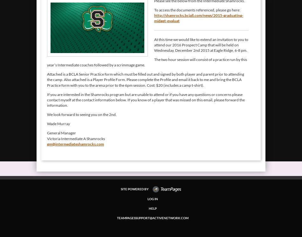 The width and height of the screenshot is (302, 237). What do you see at coordinates (47, 74) in the screenshot?
I see `'Attached is a'` at bounding box center [47, 74].